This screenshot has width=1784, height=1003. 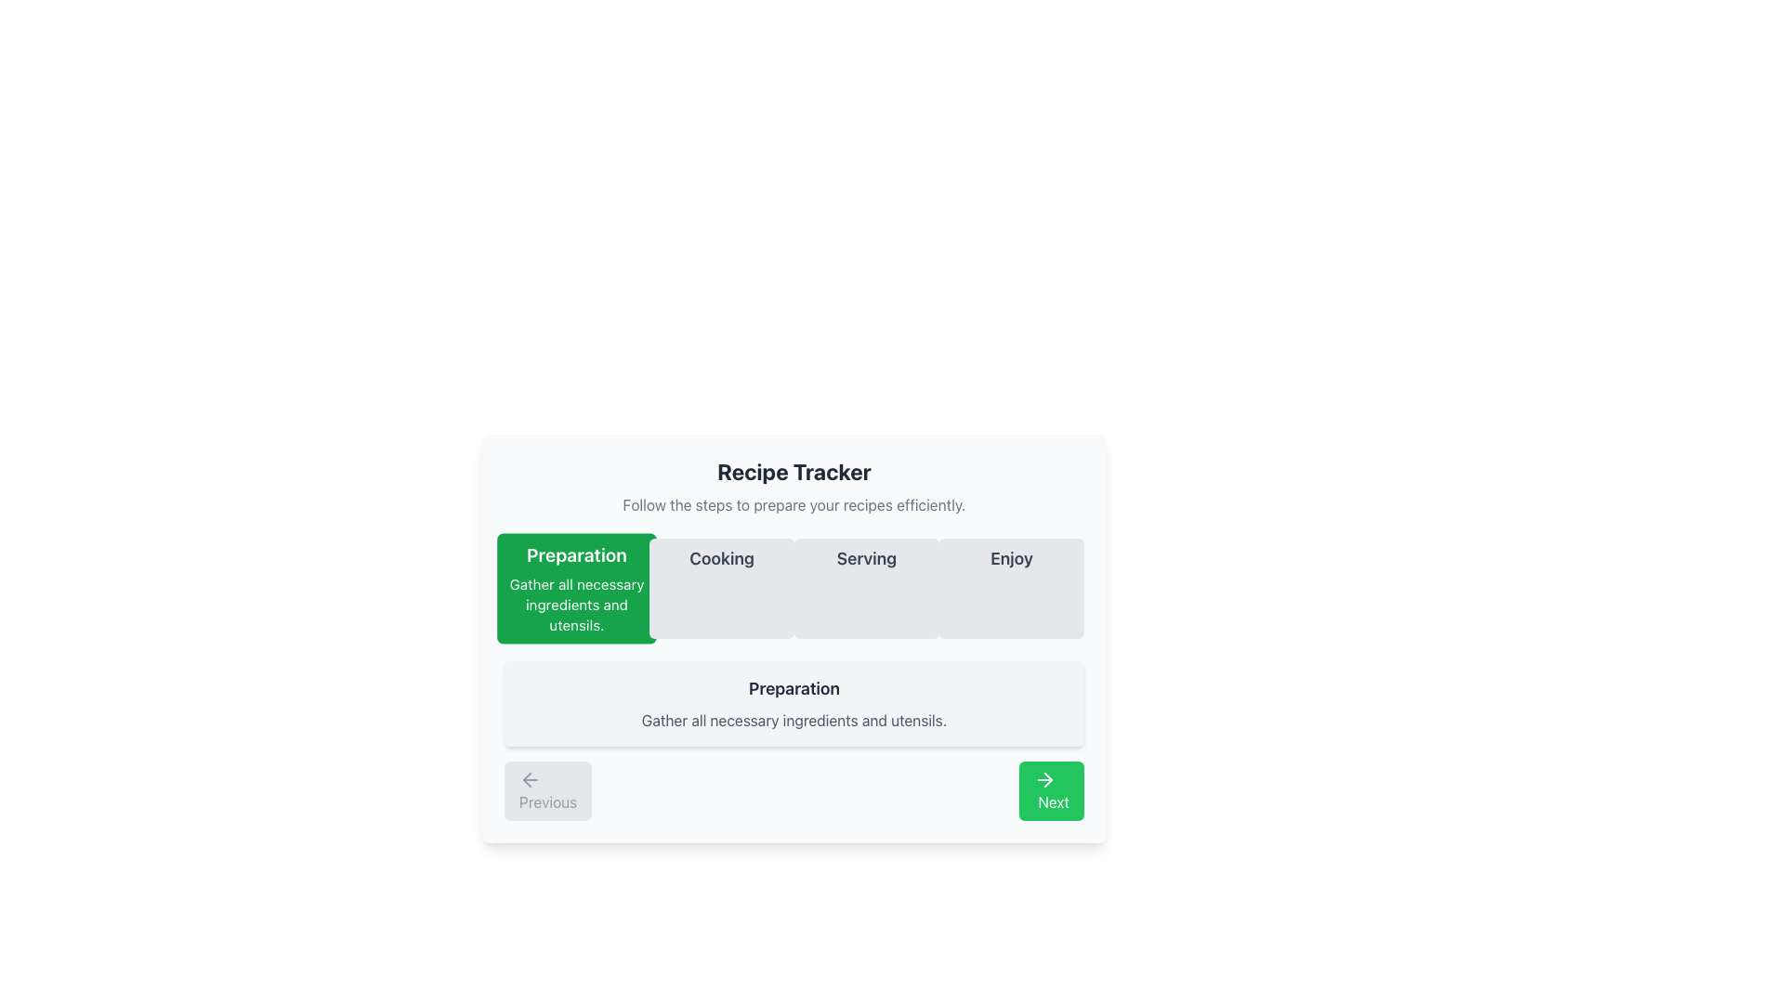 I want to click on the green 'Next' button with white text and a right-pointing arrow icon located at the bottom-right of the footer navigation to proceed to the next step or page, so click(x=1052, y=791).